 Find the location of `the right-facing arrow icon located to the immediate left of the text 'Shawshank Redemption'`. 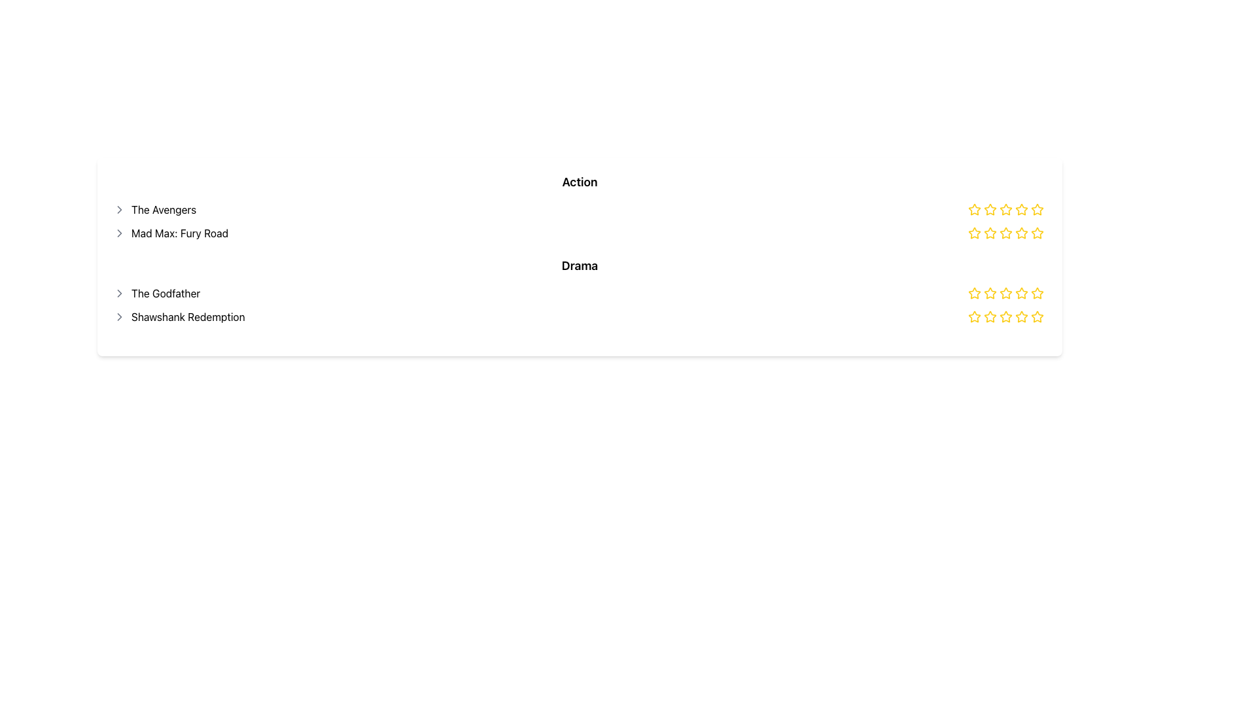

the right-facing arrow icon located to the immediate left of the text 'Shawshank Redemption' is located at coordinates (119, 317).